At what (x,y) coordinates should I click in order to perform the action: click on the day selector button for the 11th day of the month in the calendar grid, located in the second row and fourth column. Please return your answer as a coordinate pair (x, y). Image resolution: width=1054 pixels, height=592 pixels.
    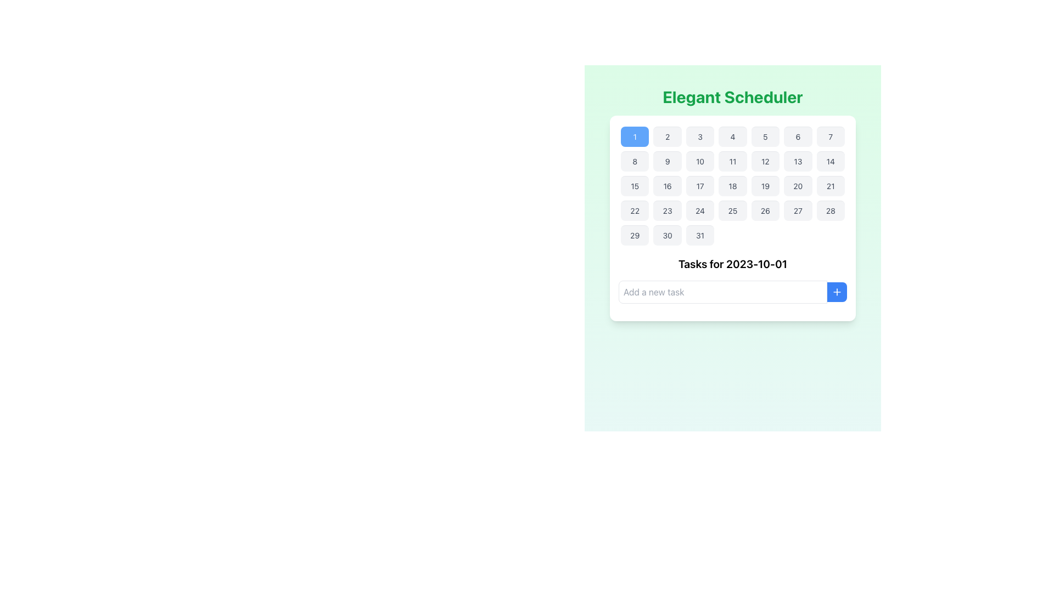
    Looking at the image, I should click on (732, 161).